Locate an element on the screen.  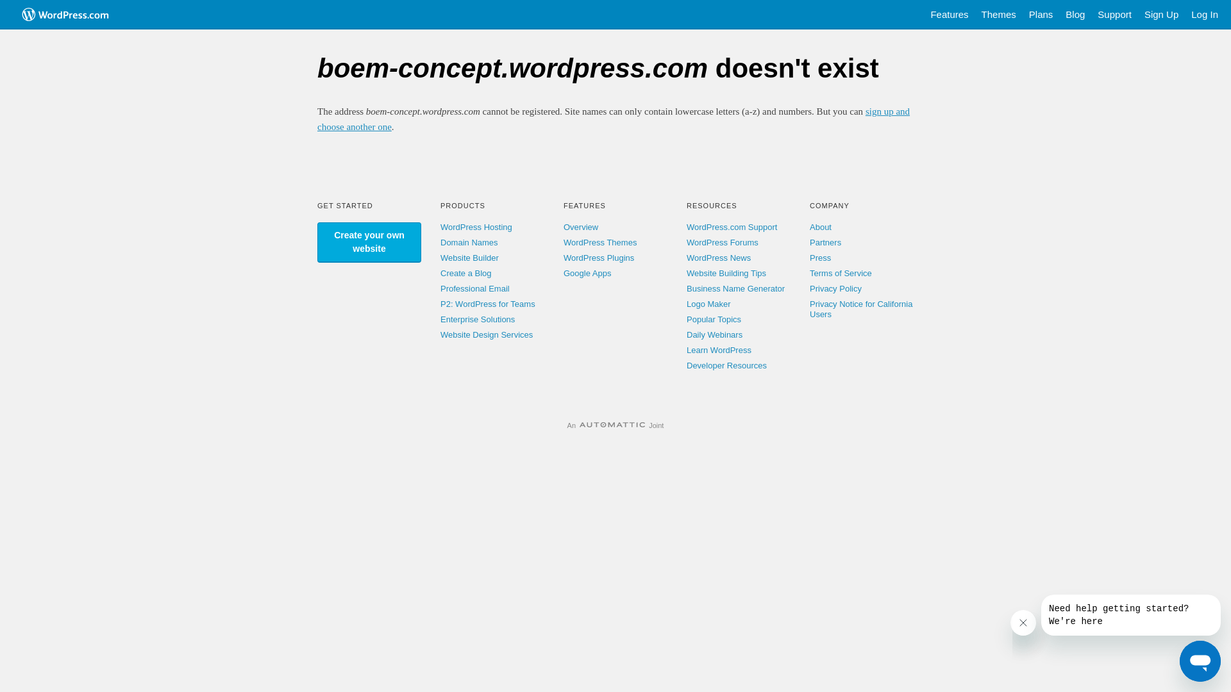
'Business Name Generator' is located at coordinates (735, 288).